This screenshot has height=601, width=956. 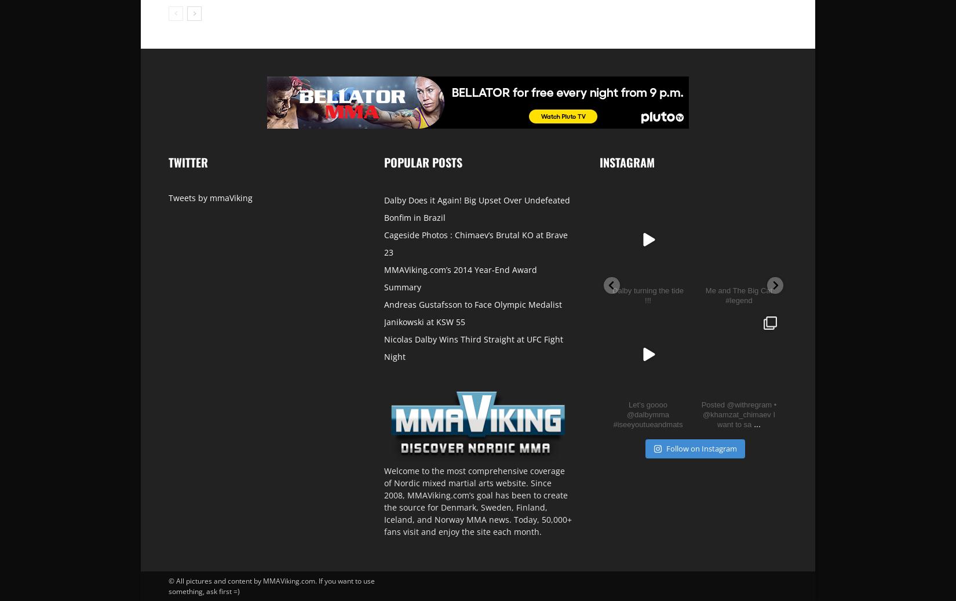 What do you see at coordinates (743, 384) in the screenshot?
I see `'Oct 22'` at bounding box center [743, 384].